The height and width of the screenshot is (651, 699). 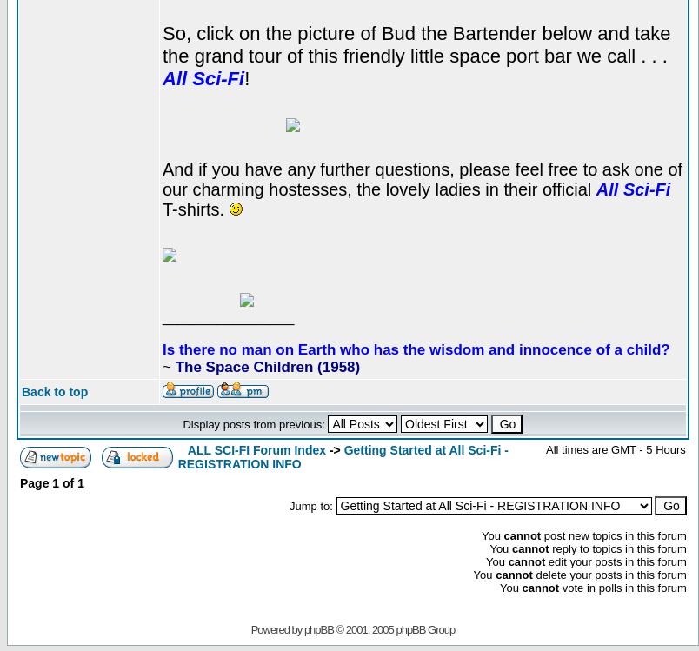 I want to click on 'Jump to:', so click(x=311, y=505).